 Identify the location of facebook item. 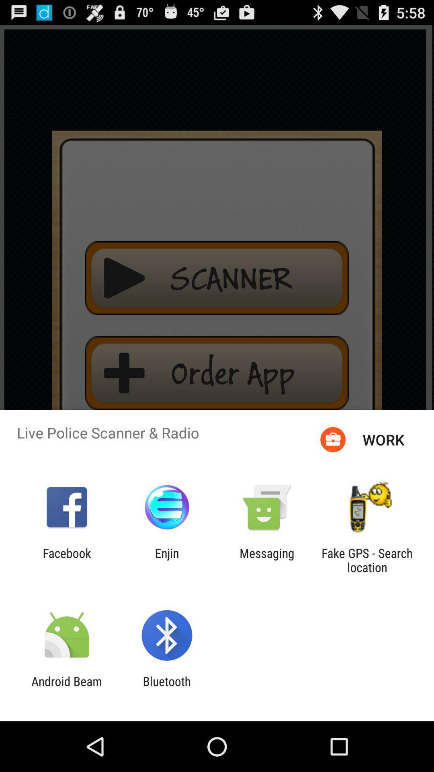
(66, 560).